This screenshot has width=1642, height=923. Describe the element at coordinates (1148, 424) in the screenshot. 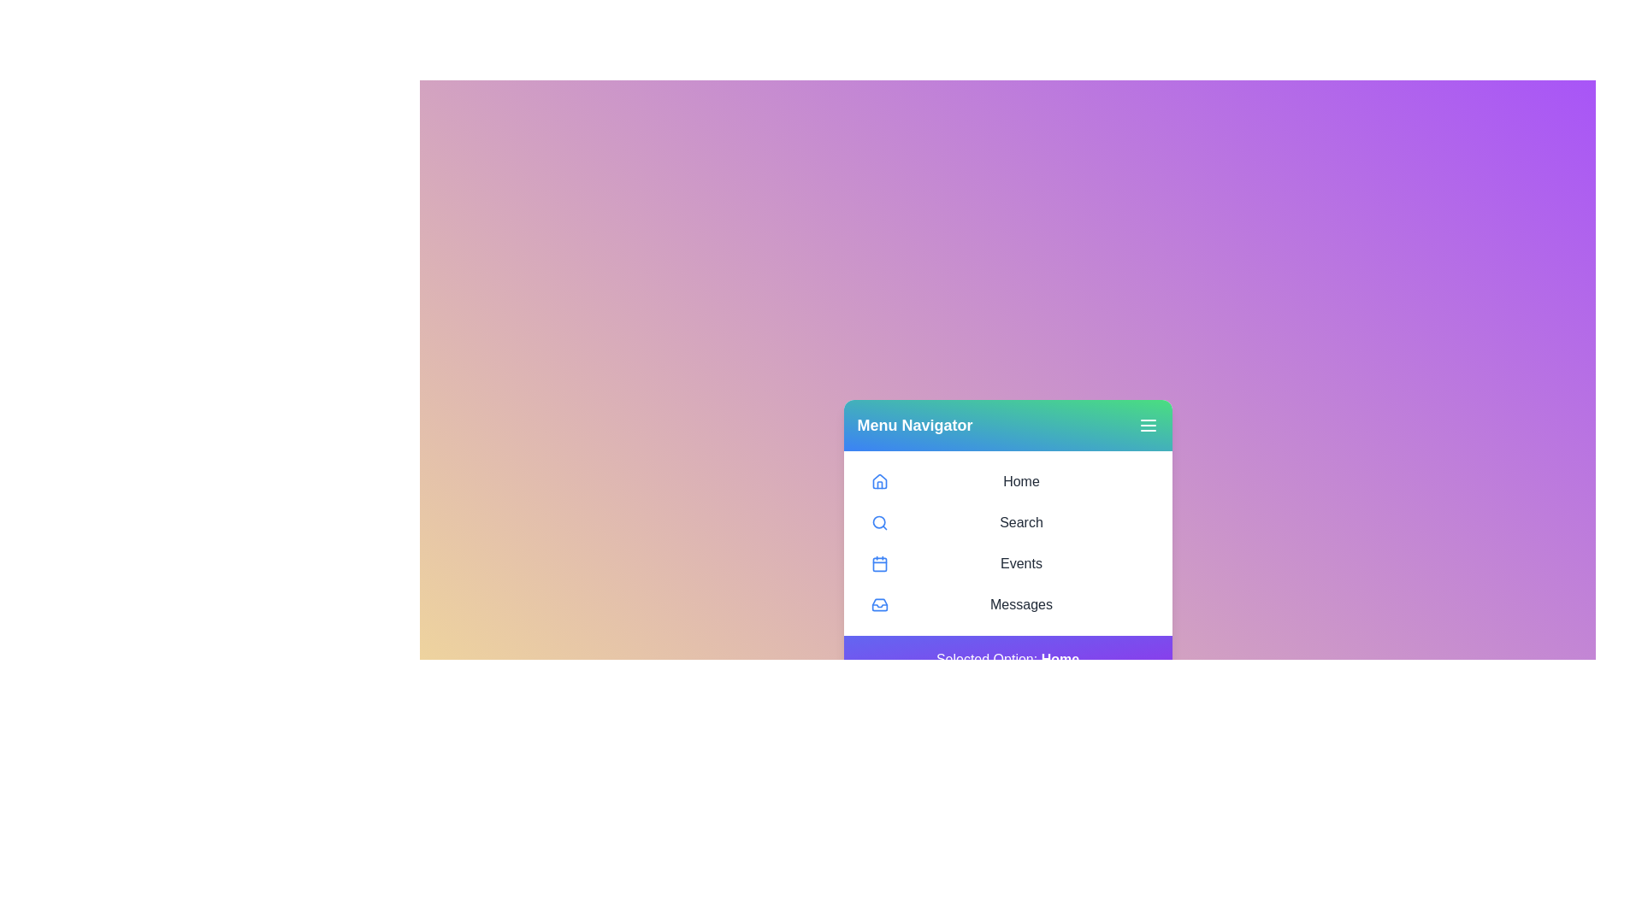

I see `the menu icon to toggle the menu open or closed` at that location.